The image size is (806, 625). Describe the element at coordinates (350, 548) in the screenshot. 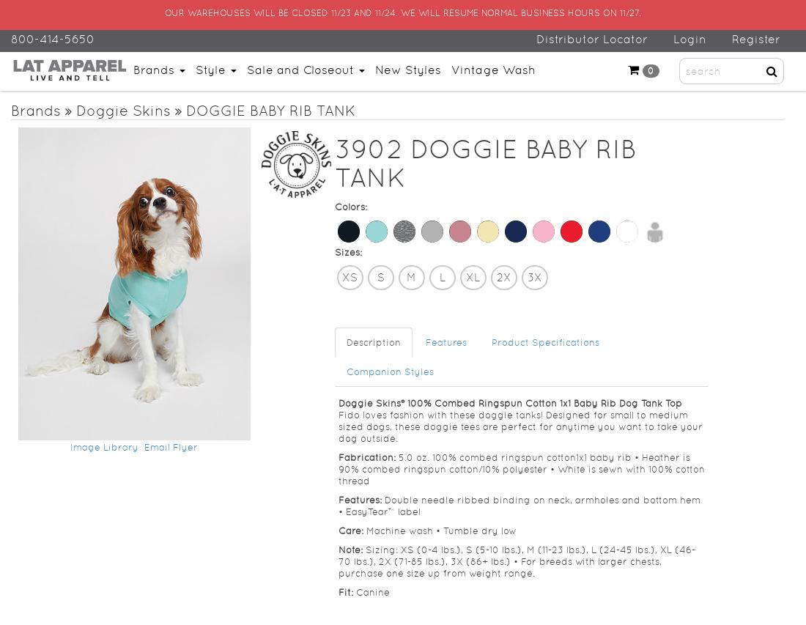

I see `'Note:'` at that location.